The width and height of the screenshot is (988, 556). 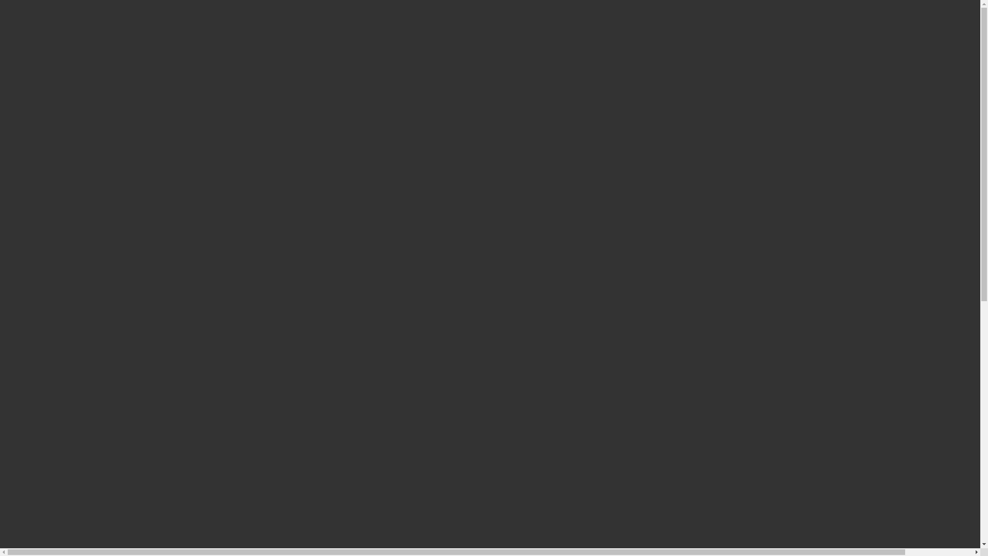 I want to click on 'Geschichte', so click(x=59, y=60).